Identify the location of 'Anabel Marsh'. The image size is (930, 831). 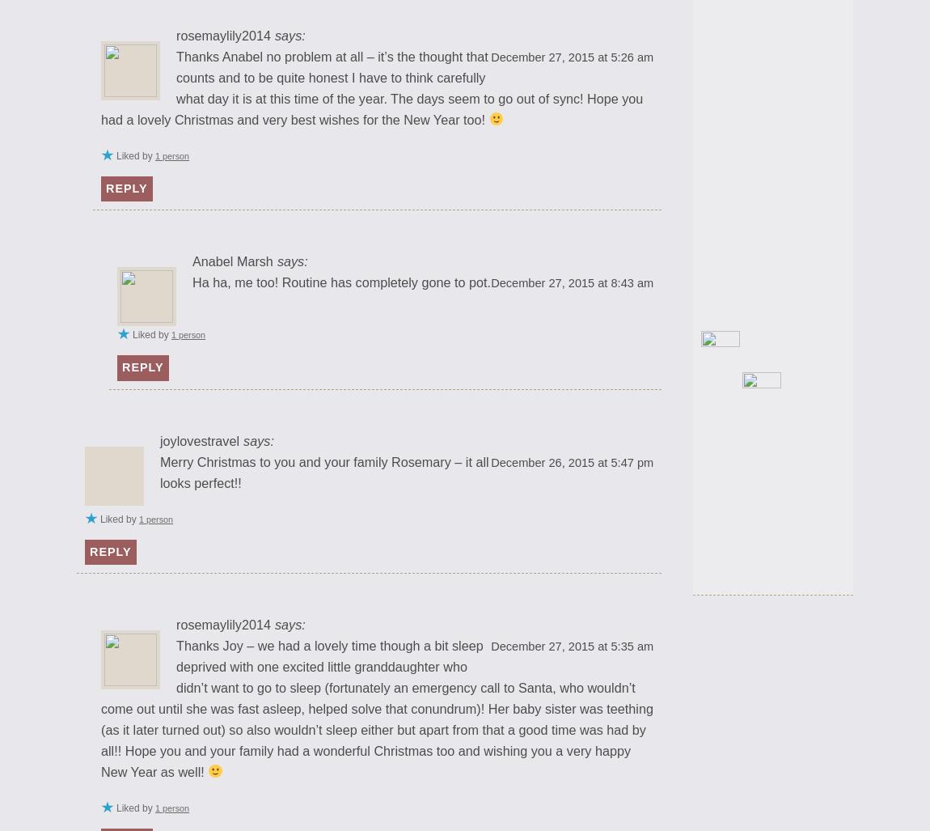
(231, 260).